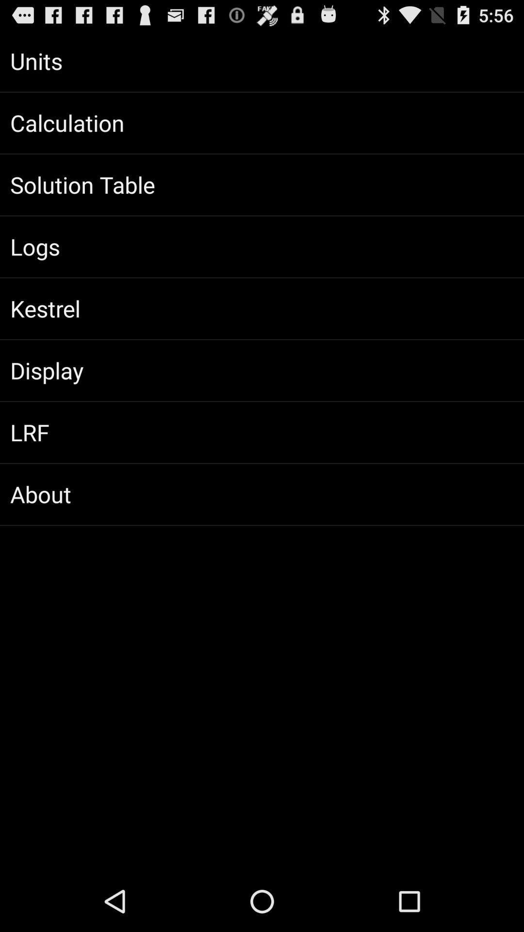 The image size is (524, 932). I want to click on app above the solution table item, so click(262, 122).